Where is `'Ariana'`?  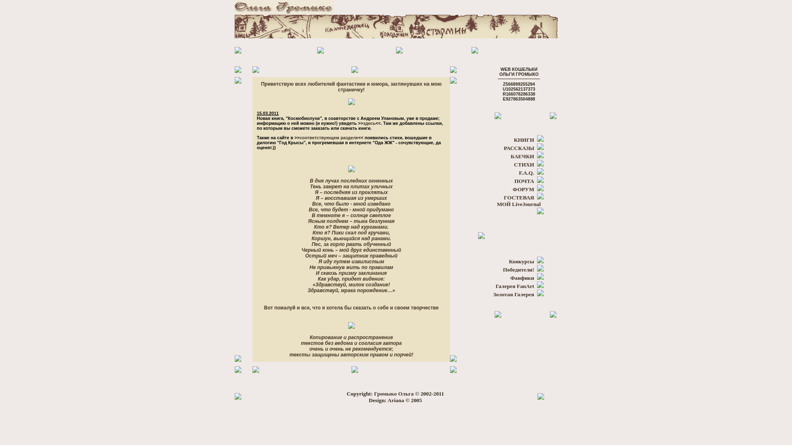 'Ariana' is located at coordinates (396, 400).